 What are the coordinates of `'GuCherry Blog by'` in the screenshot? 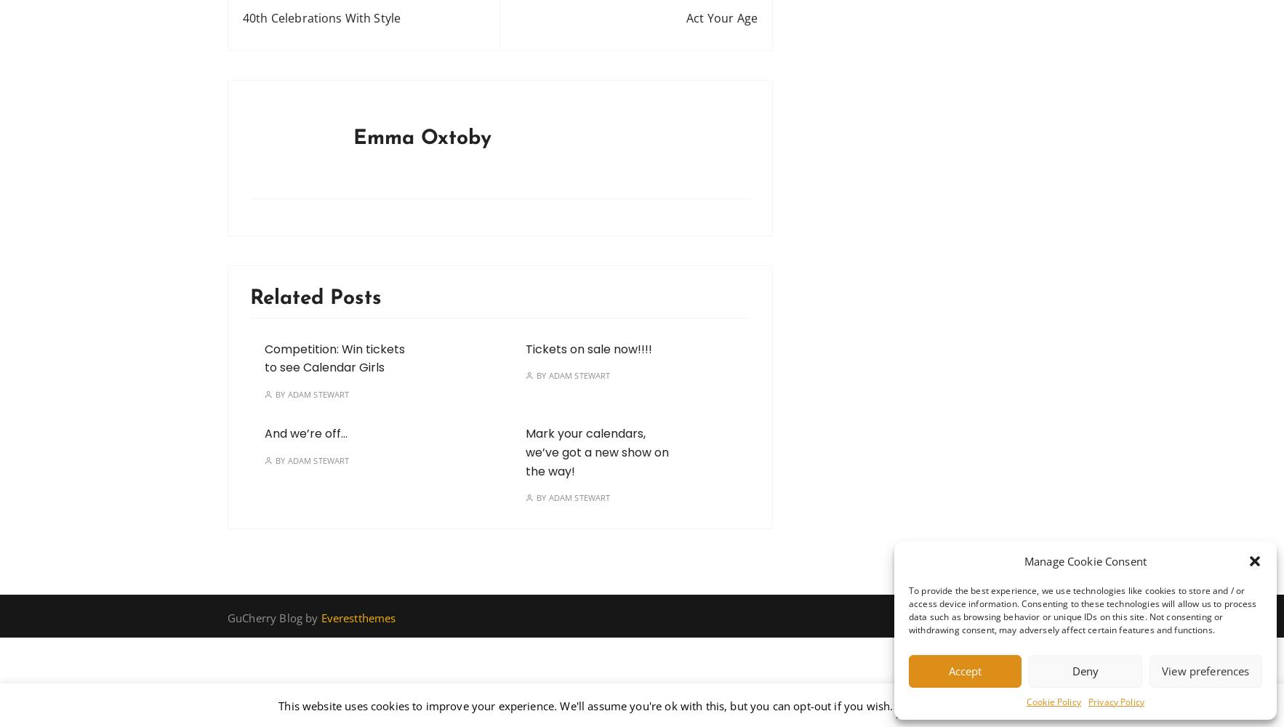 It's located at (273, 616).